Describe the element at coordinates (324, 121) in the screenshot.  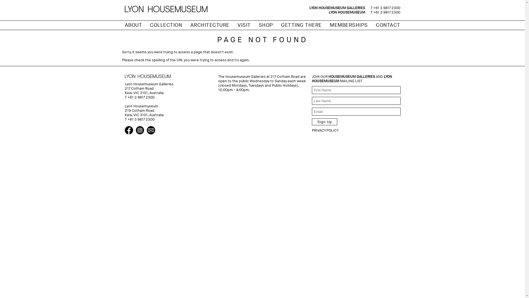
I see `'Sign Up'` at that location.